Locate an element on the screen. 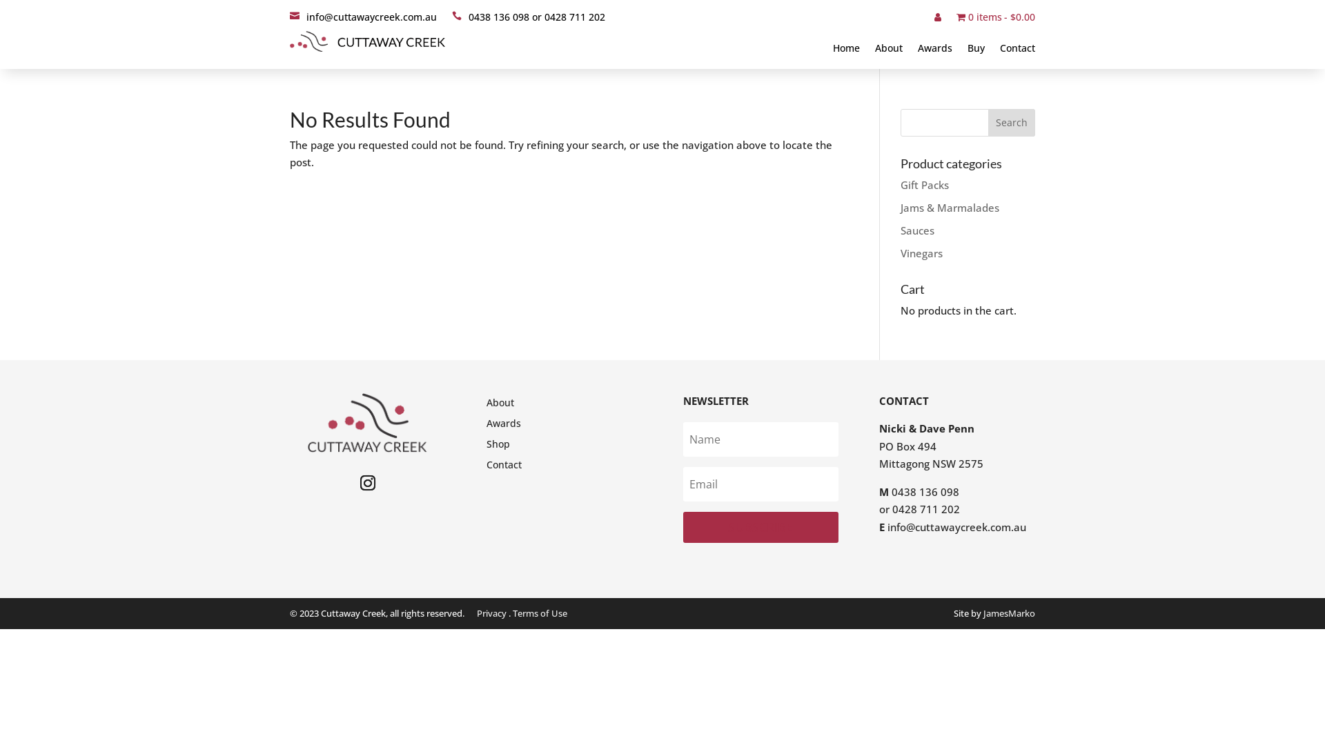 The width and height of the screenshot is (1325, 745). 'Terms of Use' is located at coordinates (539, 612).